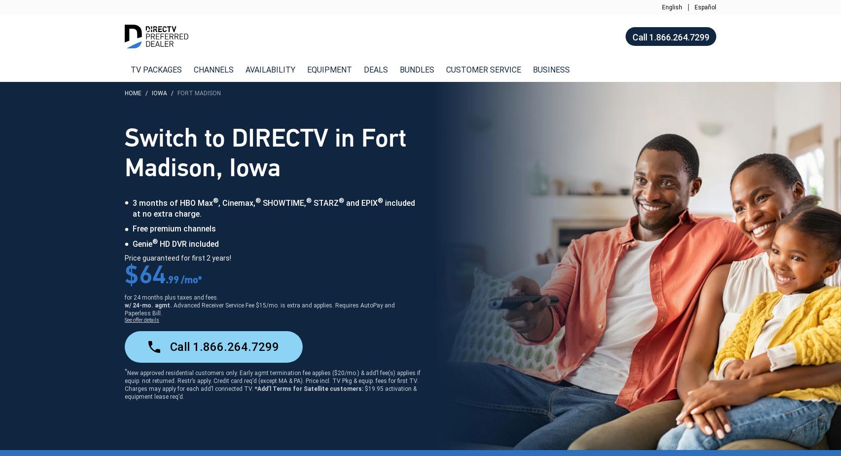 This screenshot has width=841, height=456. I want to click on 'w/ 24-mo. agmt.', so click(149, 304).